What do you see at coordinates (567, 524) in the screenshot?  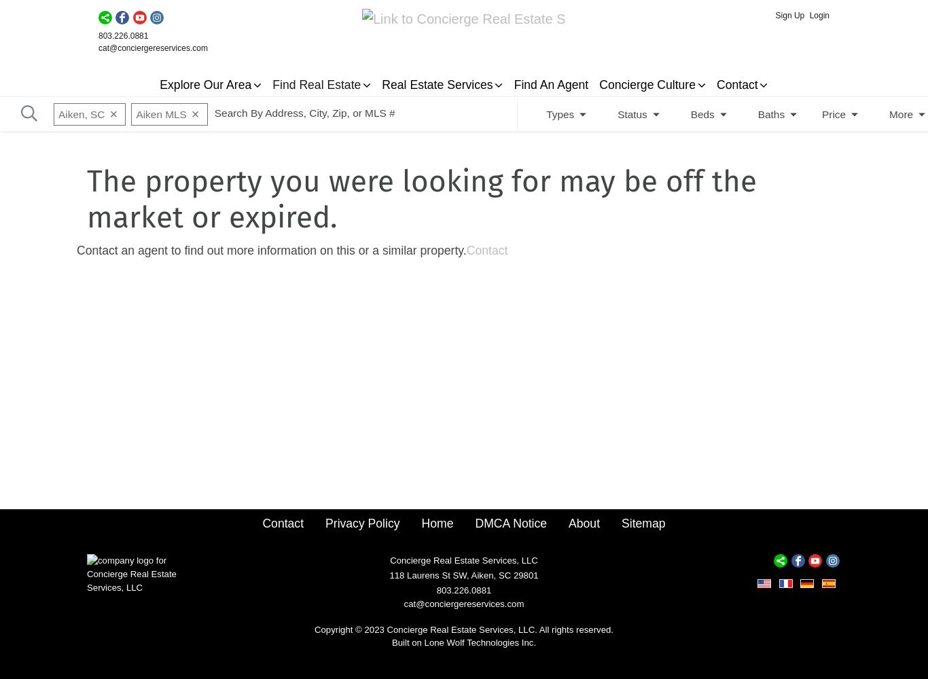 I see `'About'` at bounding box center [567, 524].